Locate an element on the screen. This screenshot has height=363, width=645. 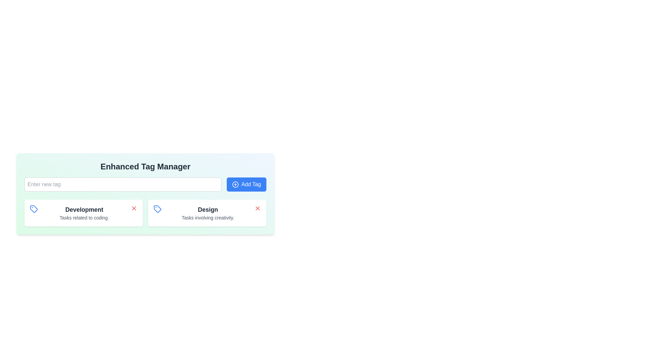
the uppermost and largest decorative vector graphic element located to the left of the 'Design' label in the Enhanced Tag Manager interface is located at coordinates (33, 208).